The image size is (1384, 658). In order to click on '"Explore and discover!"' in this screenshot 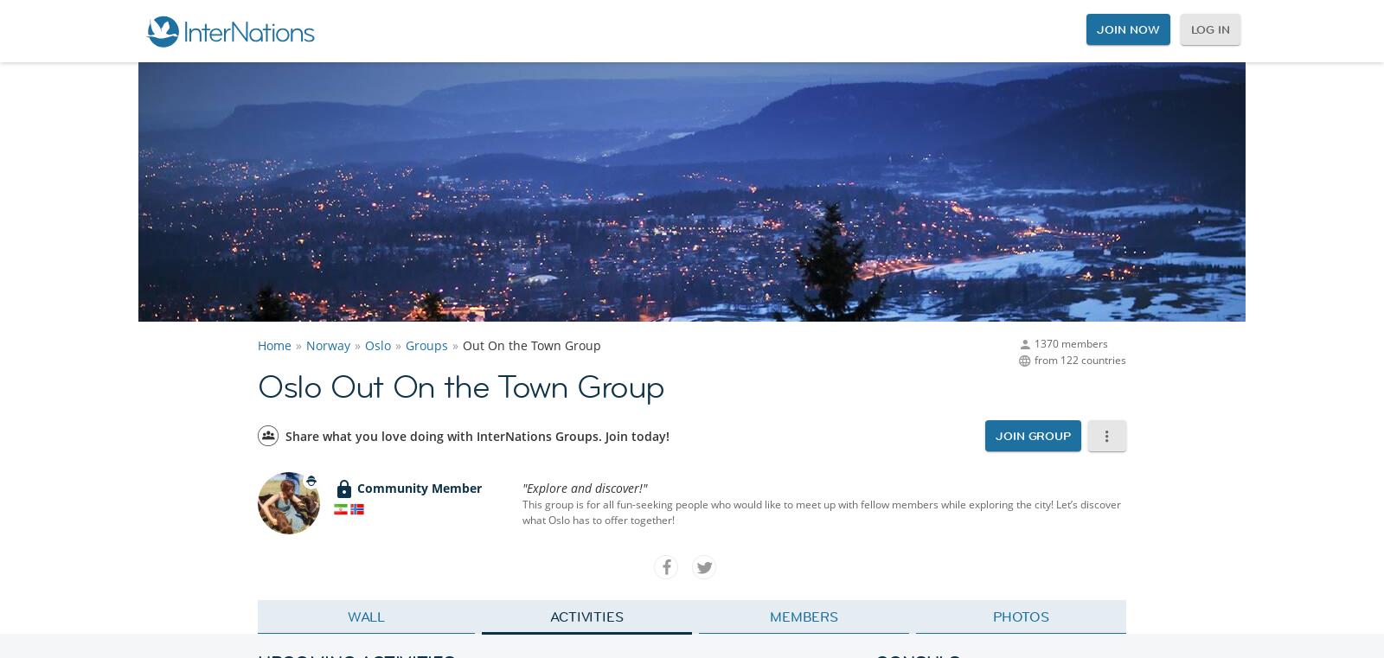, I will do `click(585, 488)`.